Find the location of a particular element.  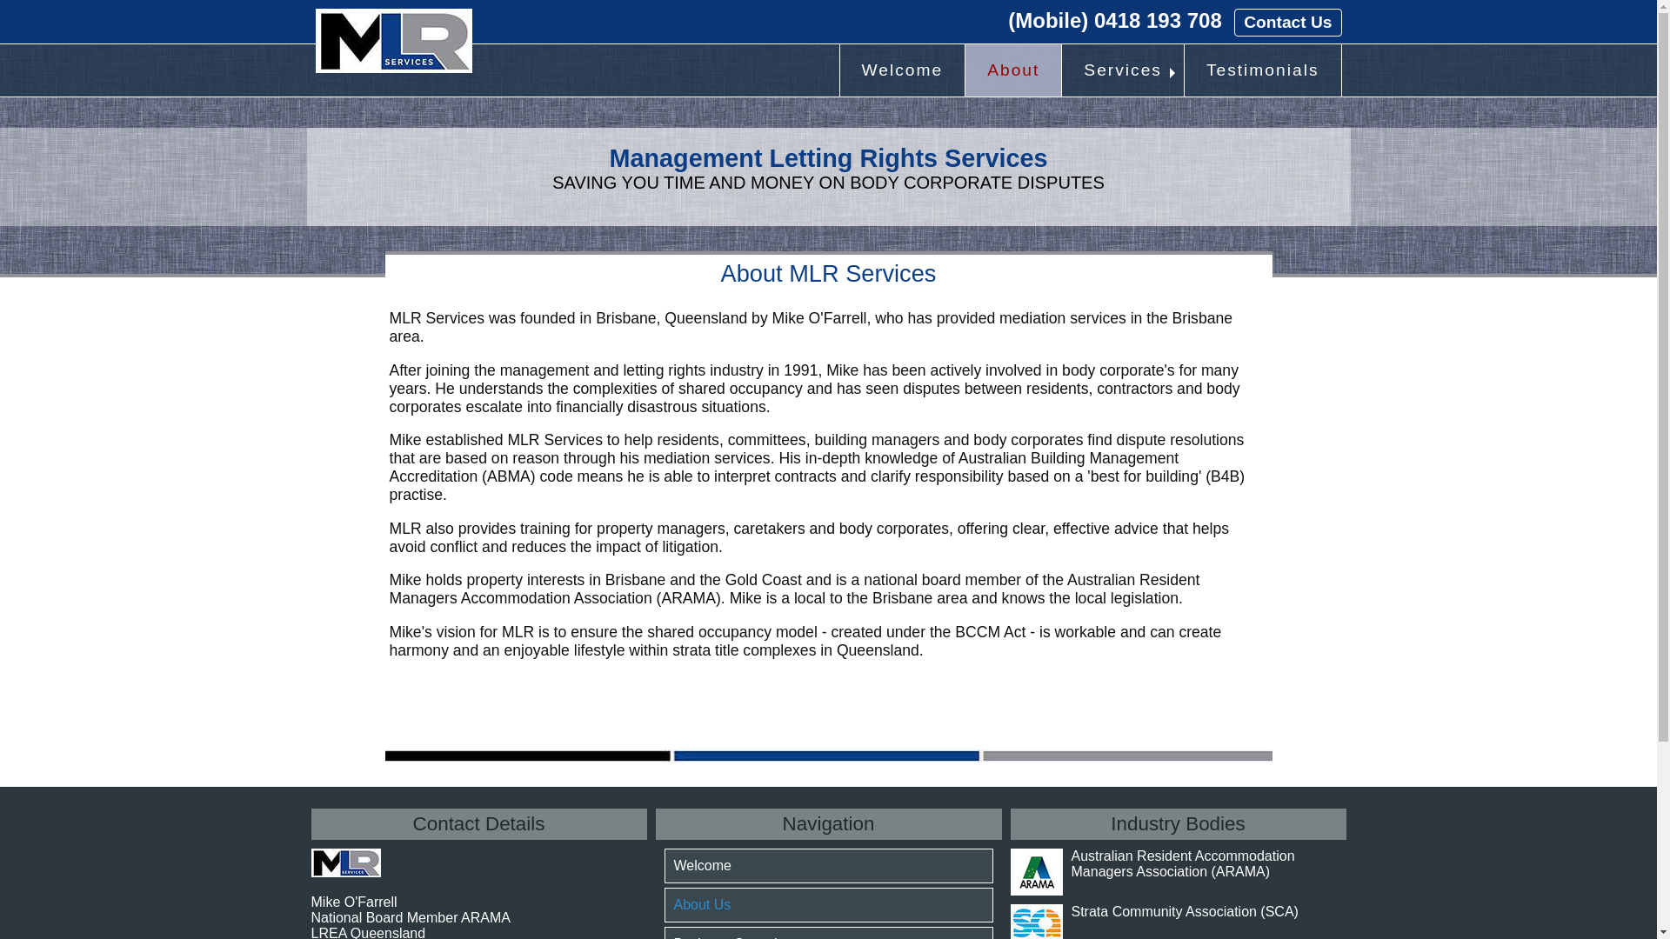

'Services' is located at coordinates (1123, 70).